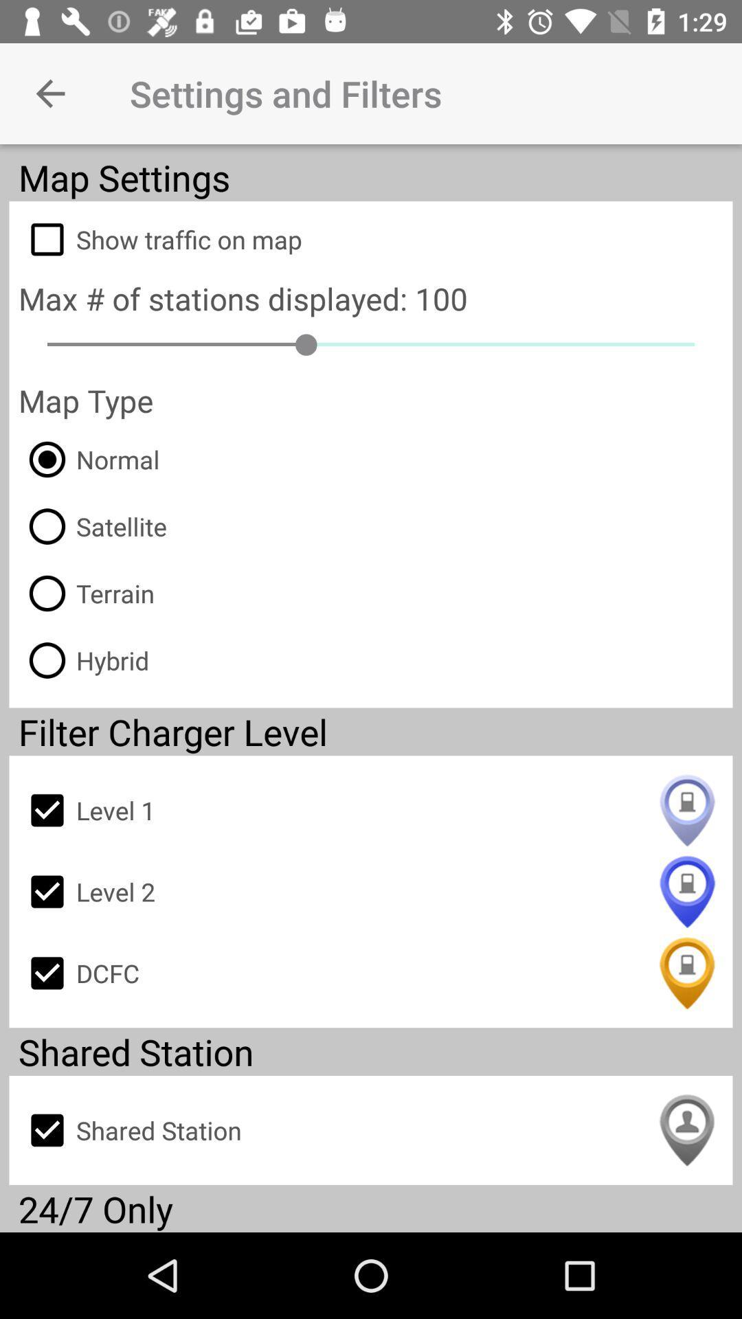 The image size is (742, 1319). I want to click on the item below map settings, so click(371, 239).